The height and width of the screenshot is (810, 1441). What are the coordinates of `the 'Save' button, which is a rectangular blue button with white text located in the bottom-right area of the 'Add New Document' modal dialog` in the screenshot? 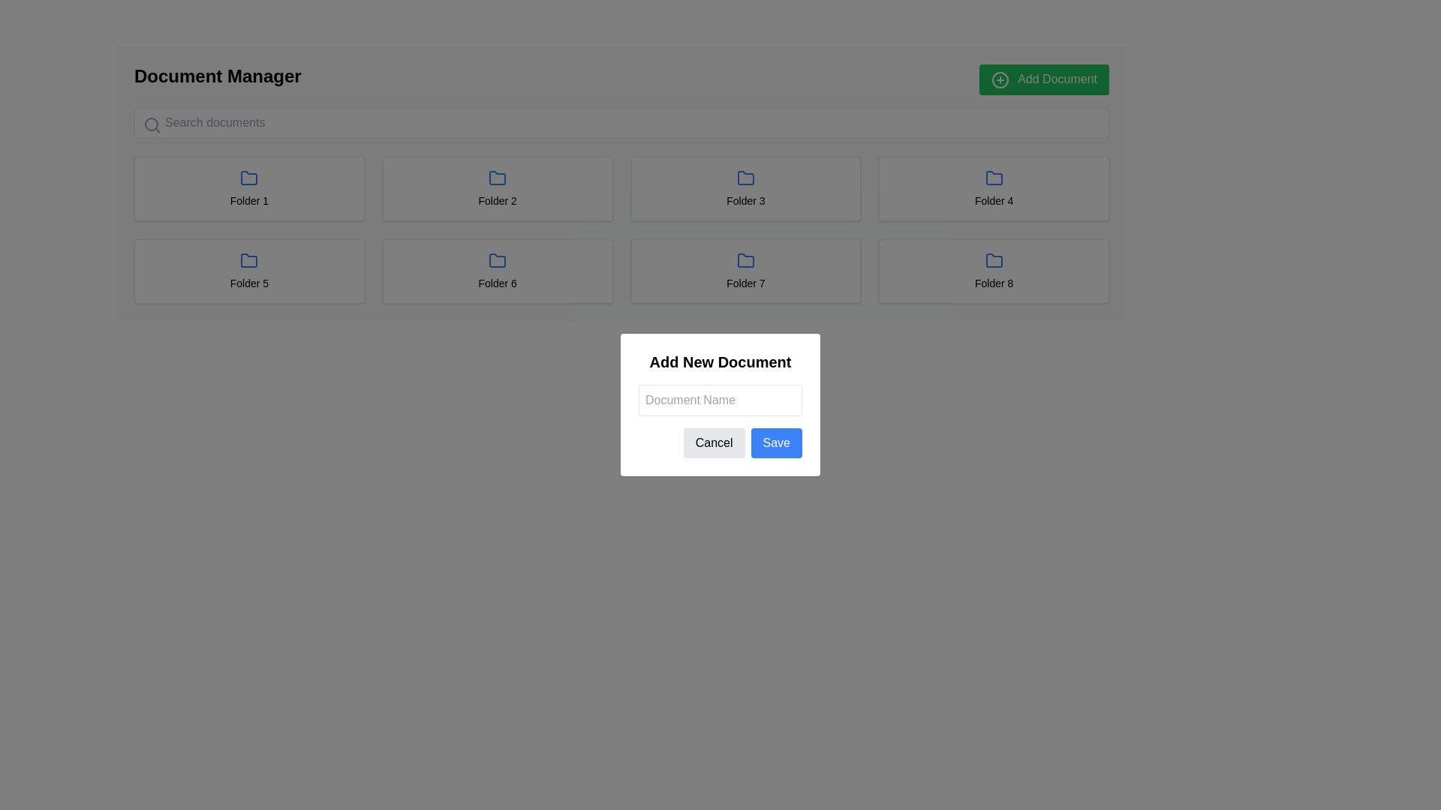 It's located at (776, 442).